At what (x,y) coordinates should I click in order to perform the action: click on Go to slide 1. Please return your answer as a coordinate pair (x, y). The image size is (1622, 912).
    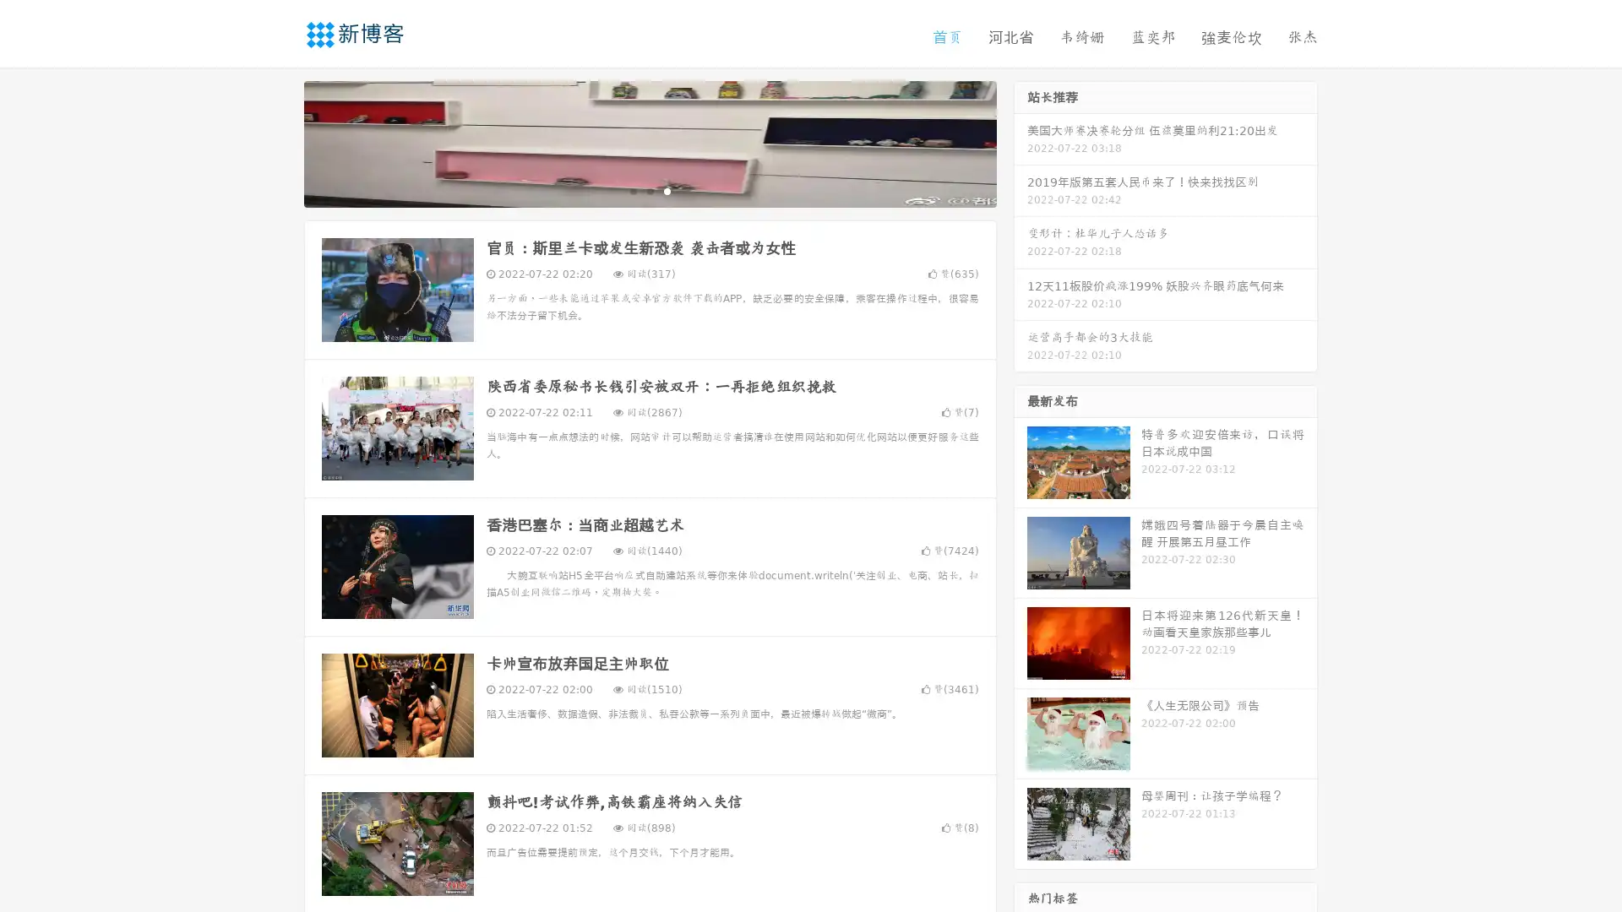
    Looking at the image, I should click on (632, 190).